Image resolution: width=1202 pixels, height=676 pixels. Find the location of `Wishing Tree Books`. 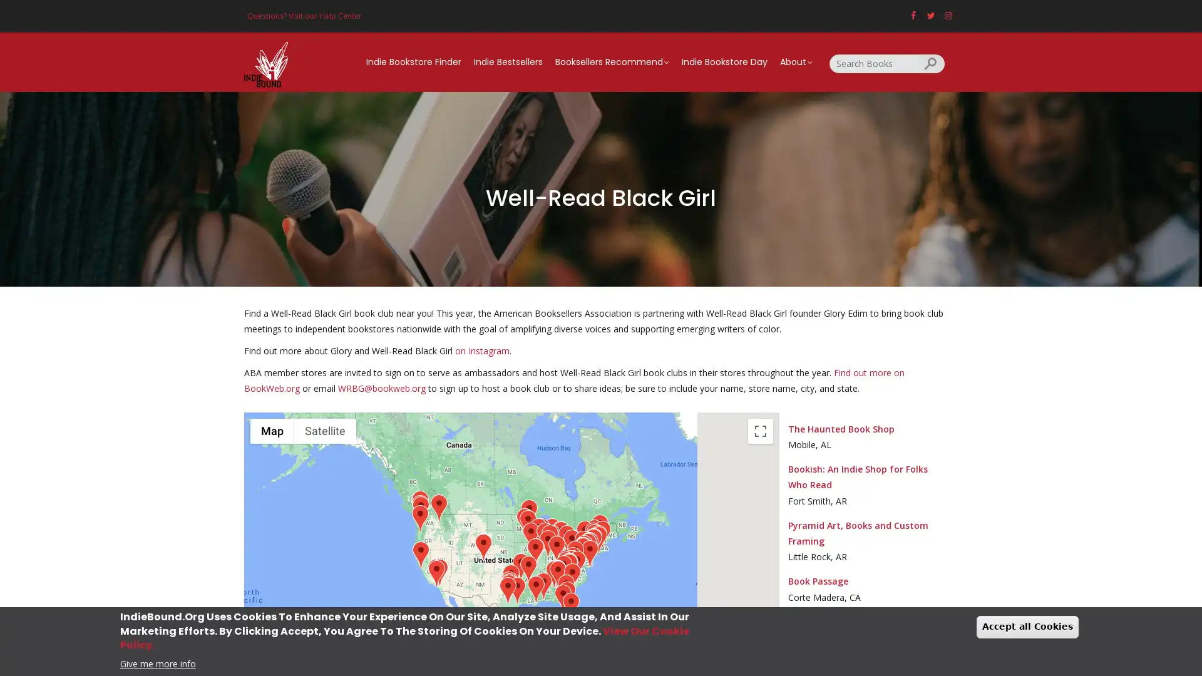

Wishing Tree Books is located at coordinates (438, 507).